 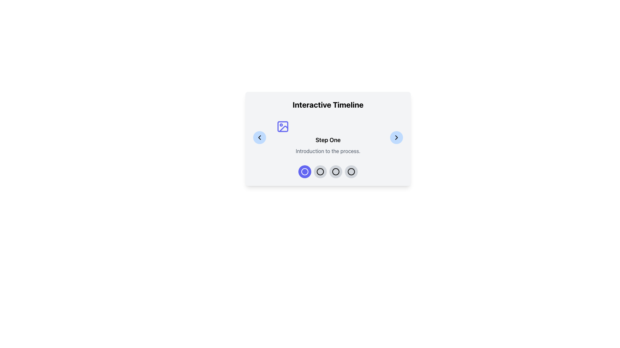 What do you see at coordinates (305, 171) in the screenshot?
I see `the first circular interactive step indicator with a filled blue background and white border` at bounding box center [305, 171].